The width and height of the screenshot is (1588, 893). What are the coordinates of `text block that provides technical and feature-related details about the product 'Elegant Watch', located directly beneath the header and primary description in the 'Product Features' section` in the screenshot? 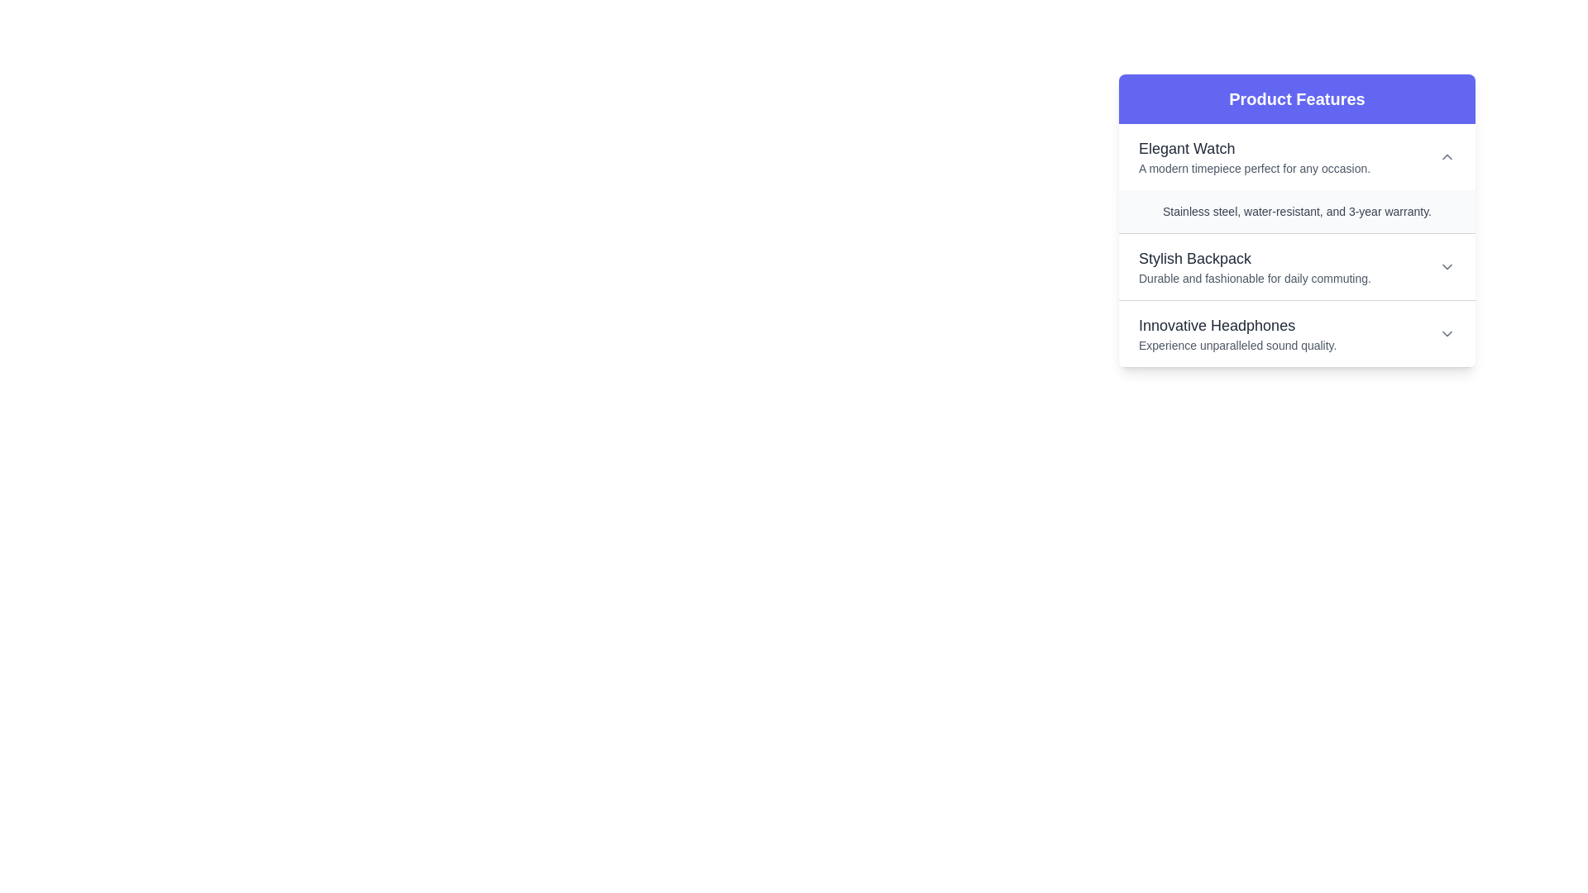 It's located at (1296, 210).